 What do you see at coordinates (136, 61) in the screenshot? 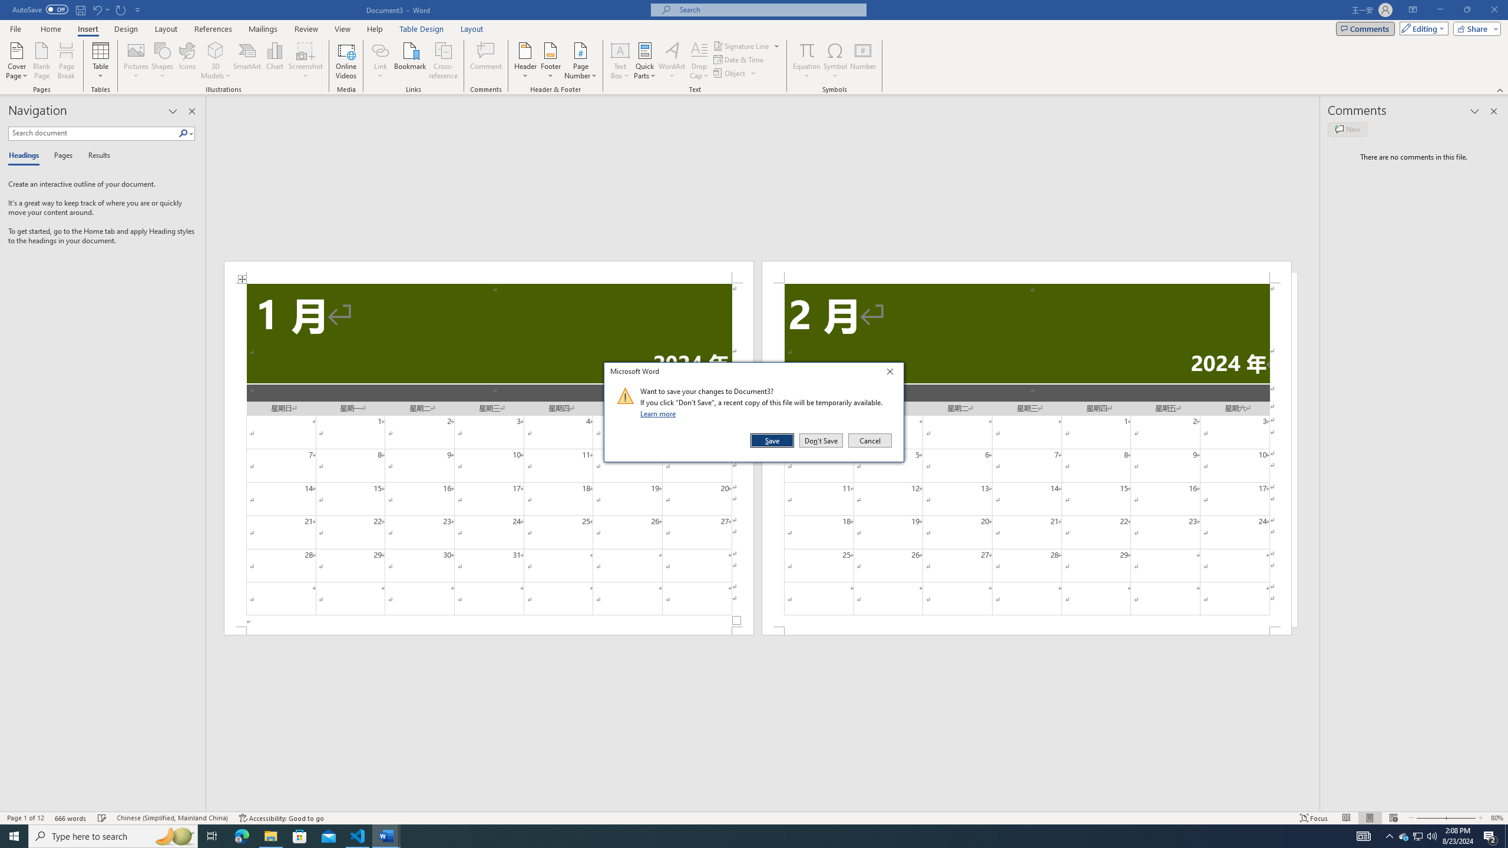
I see `'Pictures'` at bounding box center [136, 61].